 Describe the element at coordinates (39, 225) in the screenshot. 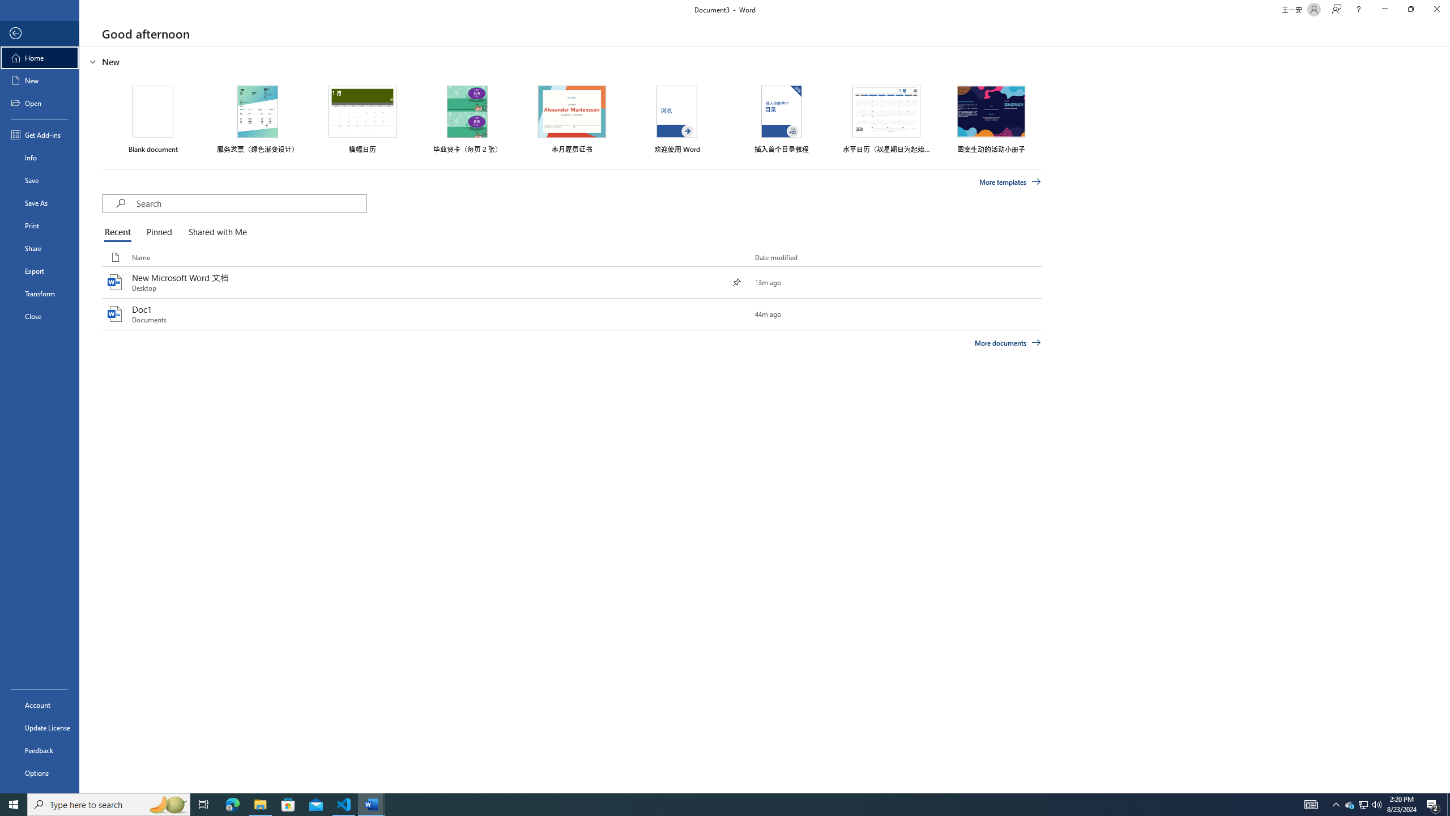

I see `'Print'` at that location.